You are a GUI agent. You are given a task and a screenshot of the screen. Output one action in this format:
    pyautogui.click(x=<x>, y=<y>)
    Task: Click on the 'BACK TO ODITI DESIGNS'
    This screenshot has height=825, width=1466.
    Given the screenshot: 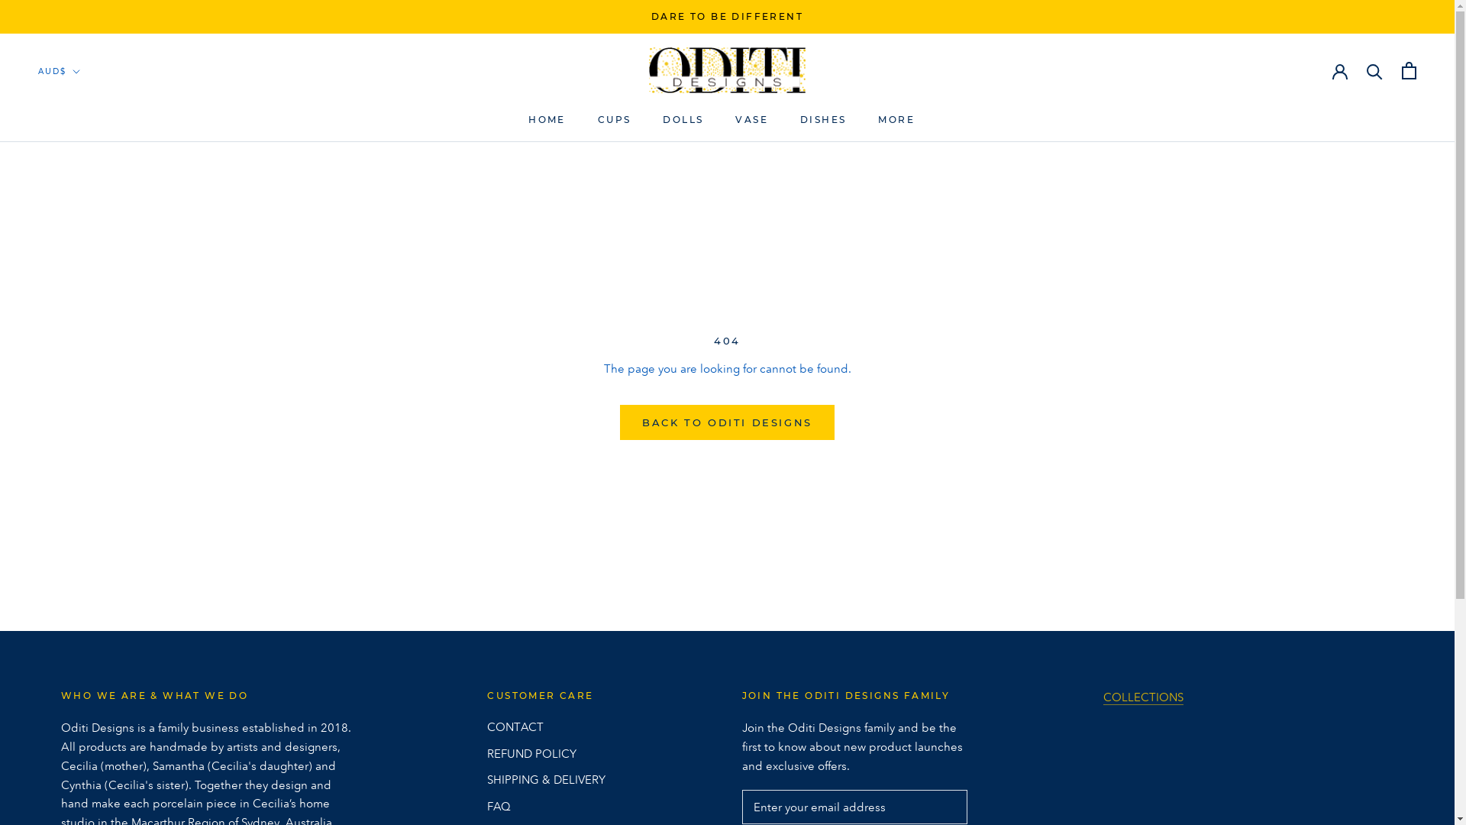 What is the action you would take?
    pyautogui.click(x=726, y=422)
    